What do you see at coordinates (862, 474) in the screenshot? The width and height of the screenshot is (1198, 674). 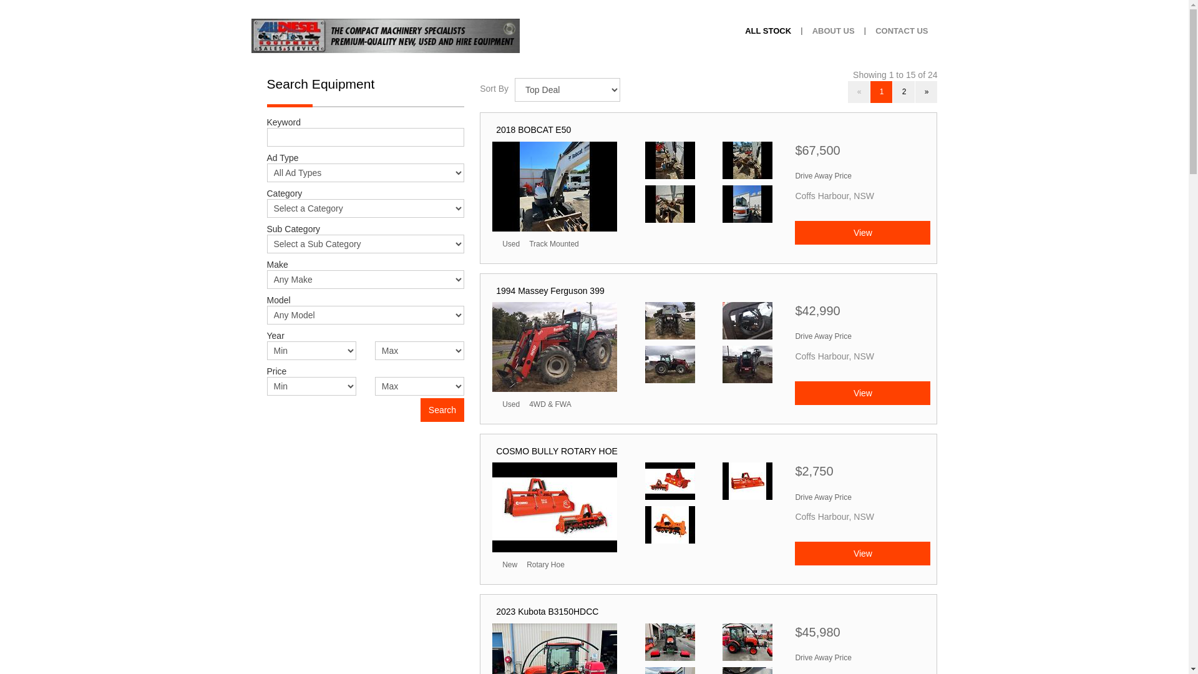 I see `'$2,750'` at bounding box center [862, 474].